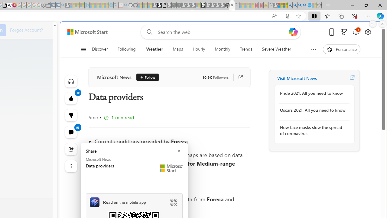 The height and width of the screenshot is (218, 387). I want to click on 'Share this story', so click(71, 149).